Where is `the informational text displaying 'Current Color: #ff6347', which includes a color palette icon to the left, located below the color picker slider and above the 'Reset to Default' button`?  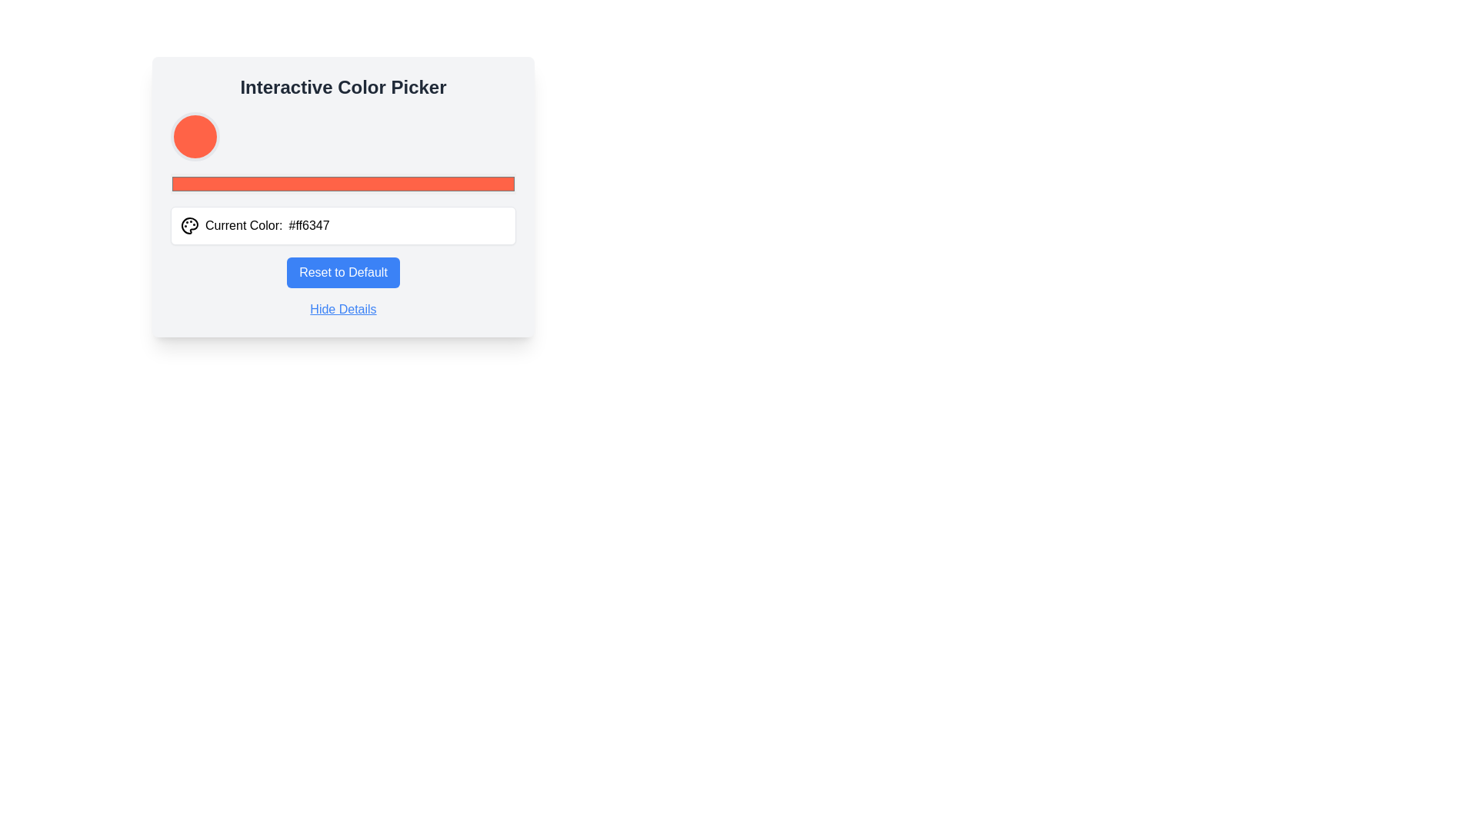 the informational text displaying 'Current Color: #ff6347', which includes a color palette icon to the left, located below the color picker slider and above the 'Reset to Default' button is located at coordinates (342, 225).